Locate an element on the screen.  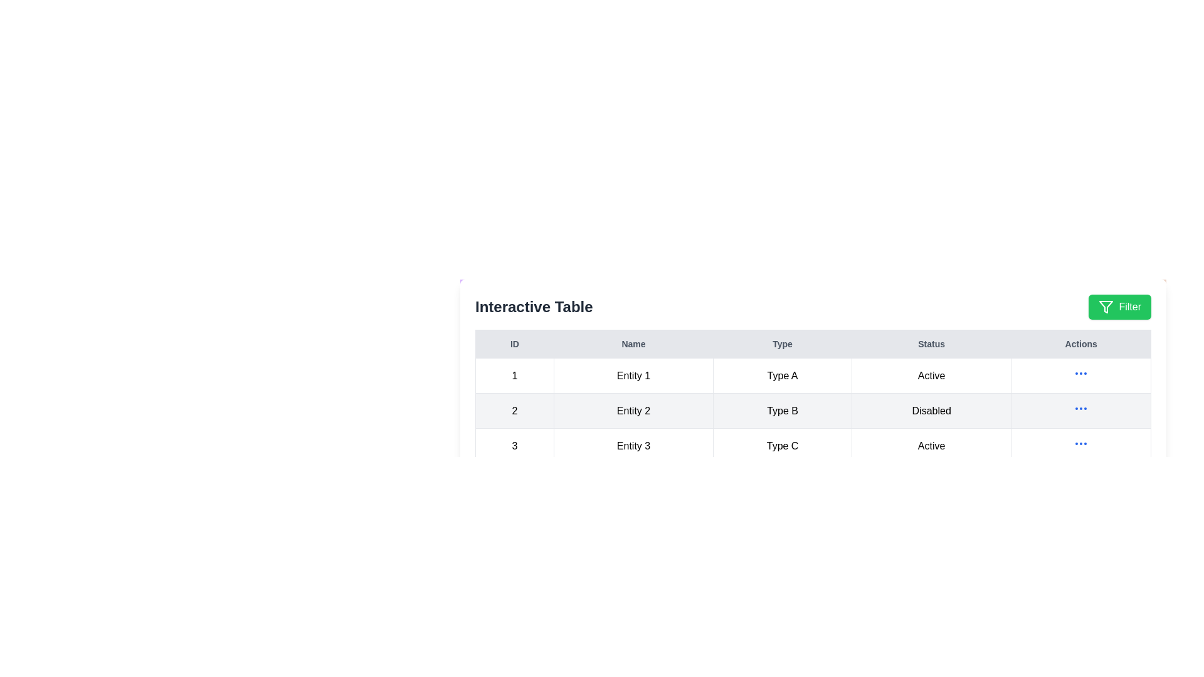
the row corresponding to 3 is located at coordinates (813, 445).